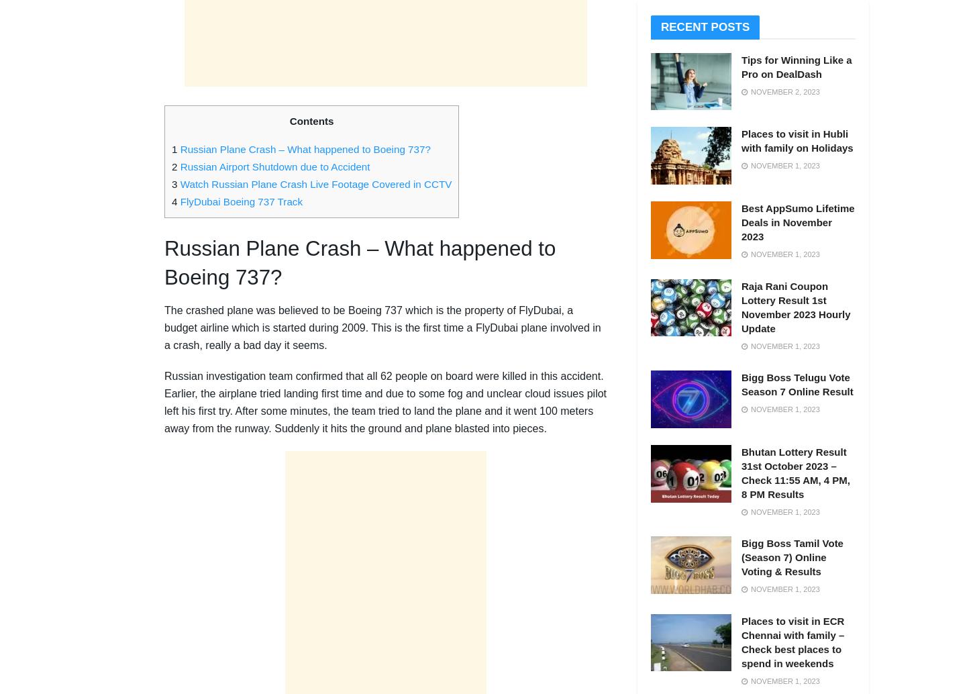 The width and height of the screenshot is (973, 694). What do you see at coordinates (792, 641) in the screenshot?
I see `'Places to visit in ECR Chennai with family – Check best places to spend in weekends'` at bounding box center [792, 641].